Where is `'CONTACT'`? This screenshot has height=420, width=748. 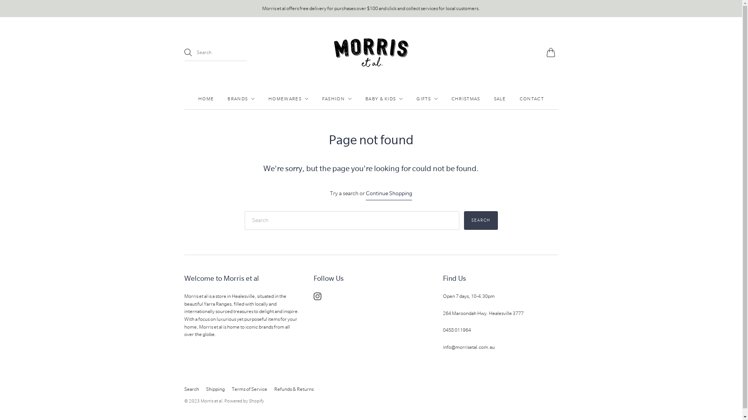 'CONTACT' is located at coordinates (531, 98).